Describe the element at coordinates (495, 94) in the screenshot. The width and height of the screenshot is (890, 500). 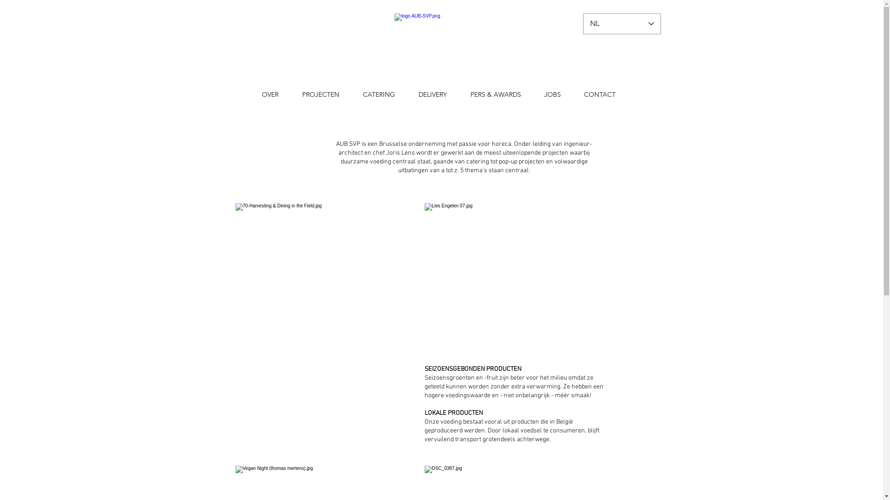
I see `'PERS & AWARDS'` at that location.